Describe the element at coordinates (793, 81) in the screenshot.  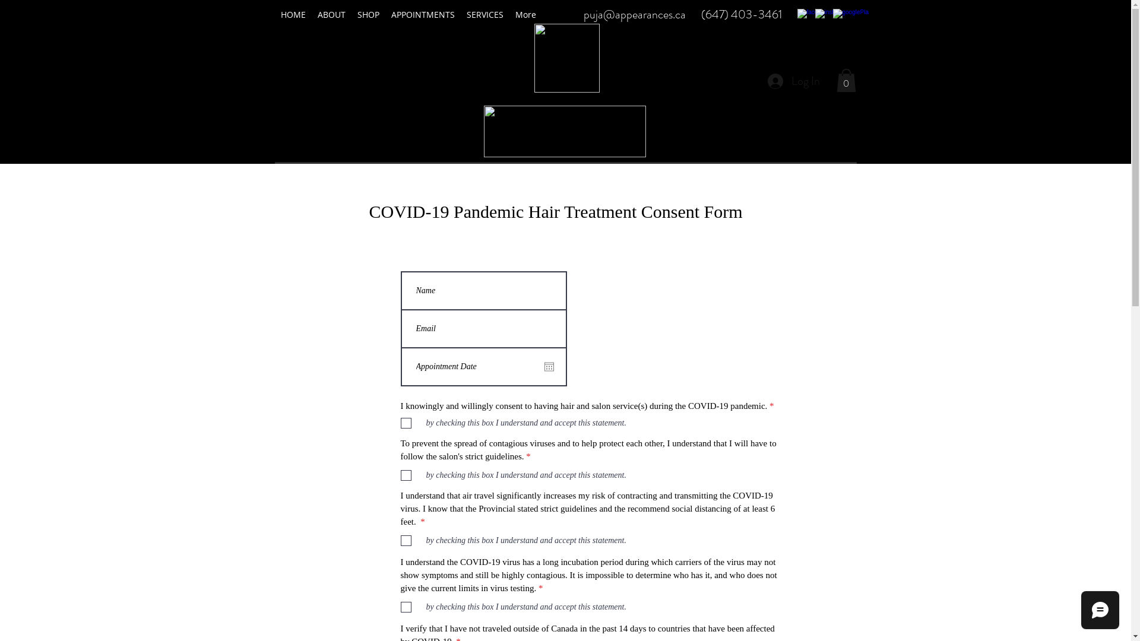
I see `'Log In'` at that location.